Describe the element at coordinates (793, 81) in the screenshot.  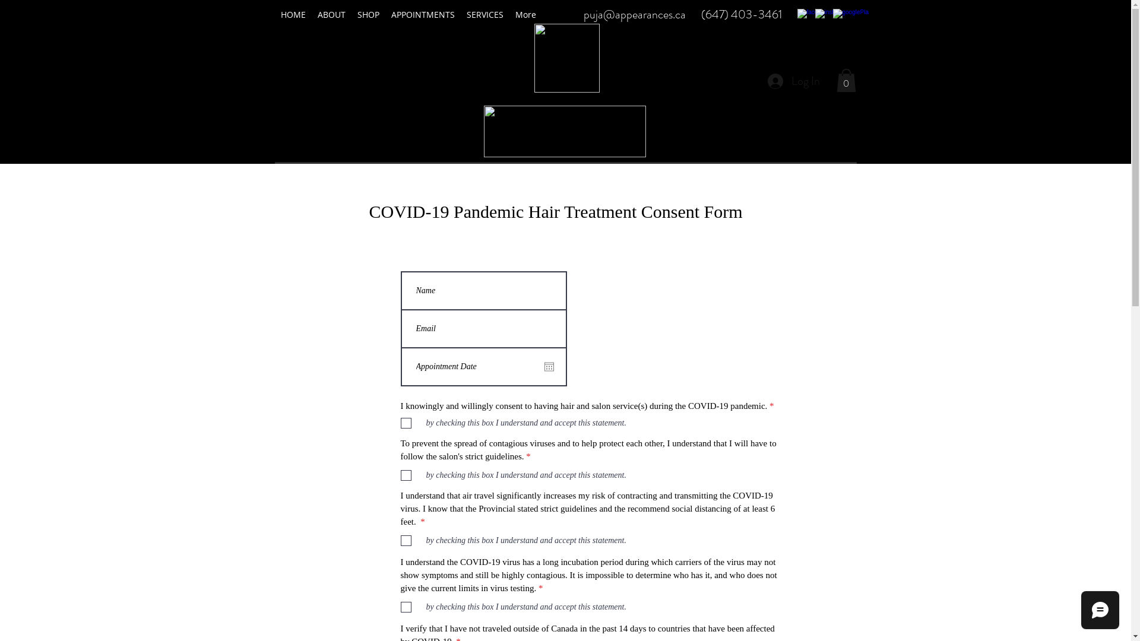
I see `'Log In'` at that location.